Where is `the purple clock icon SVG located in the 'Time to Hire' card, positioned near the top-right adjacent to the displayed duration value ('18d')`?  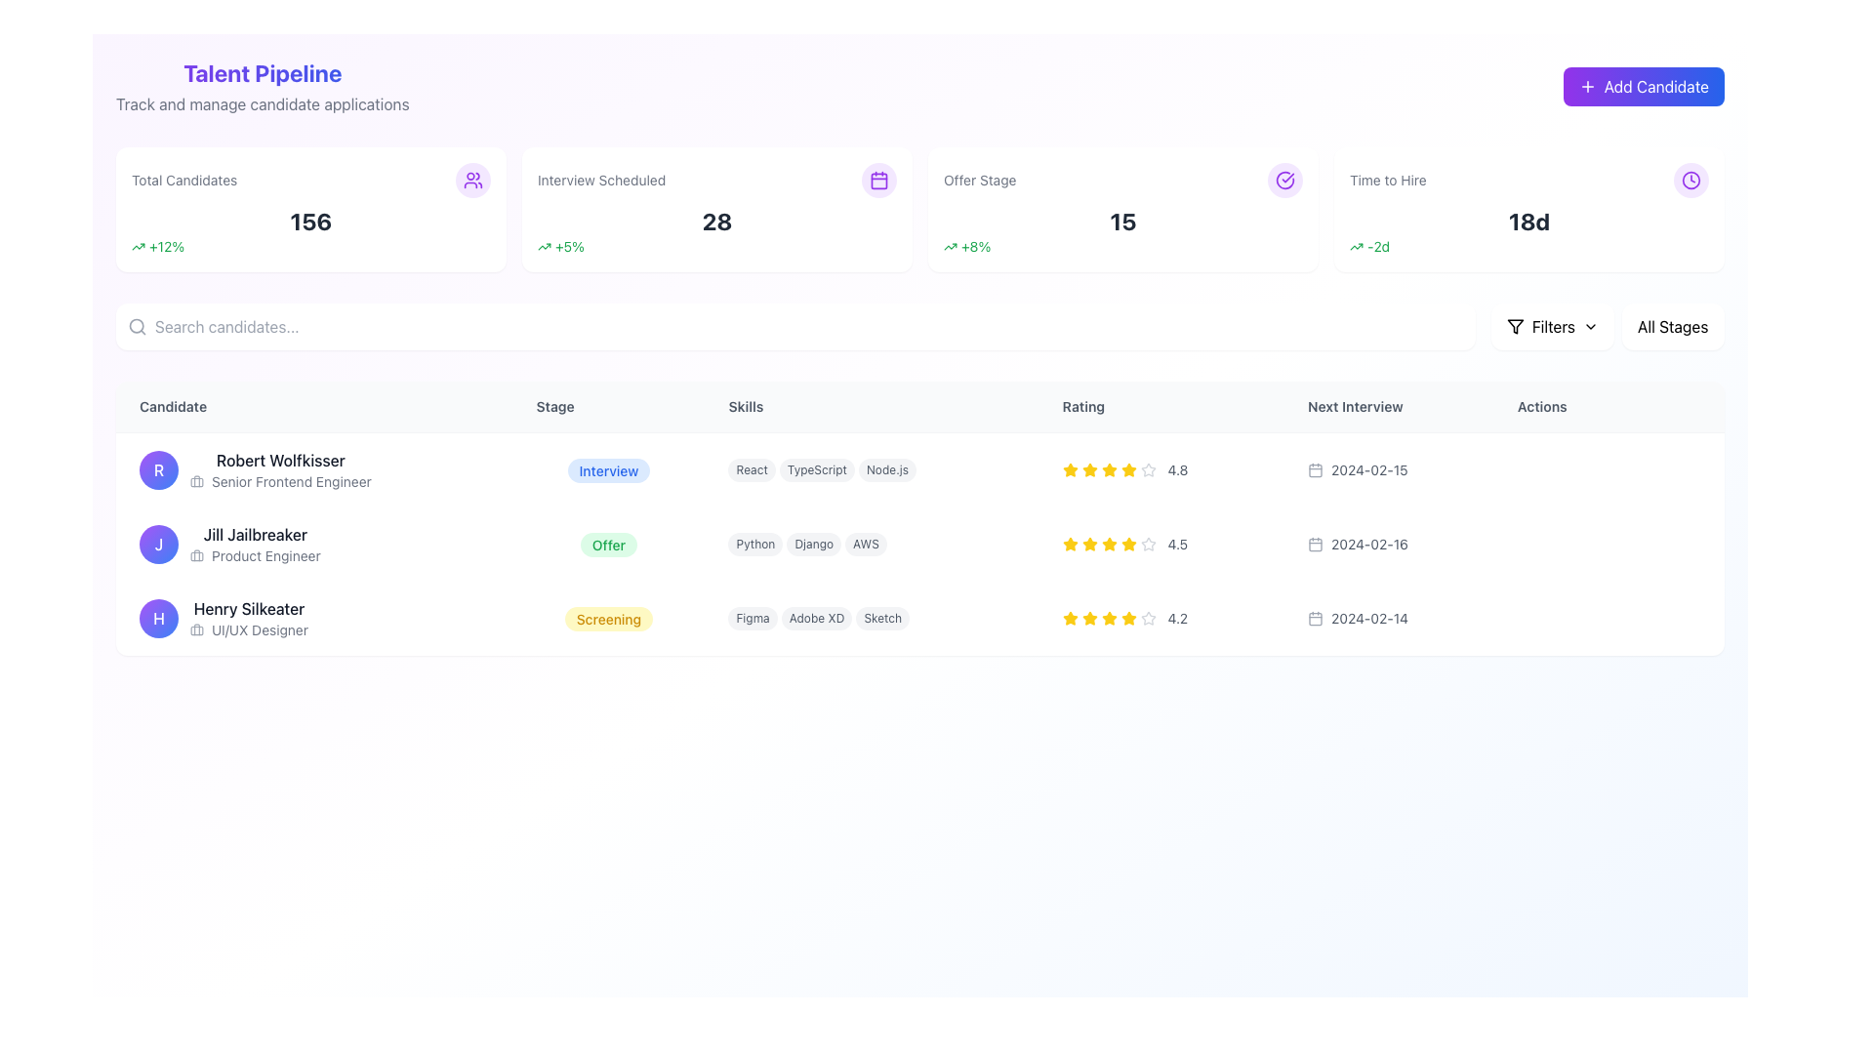 the purple clock icon SVG located in the 'Time to Hire' card, positioned near the top-right adjacent to the displayed duration value ('18d') is located at coordinates (1690, 181).